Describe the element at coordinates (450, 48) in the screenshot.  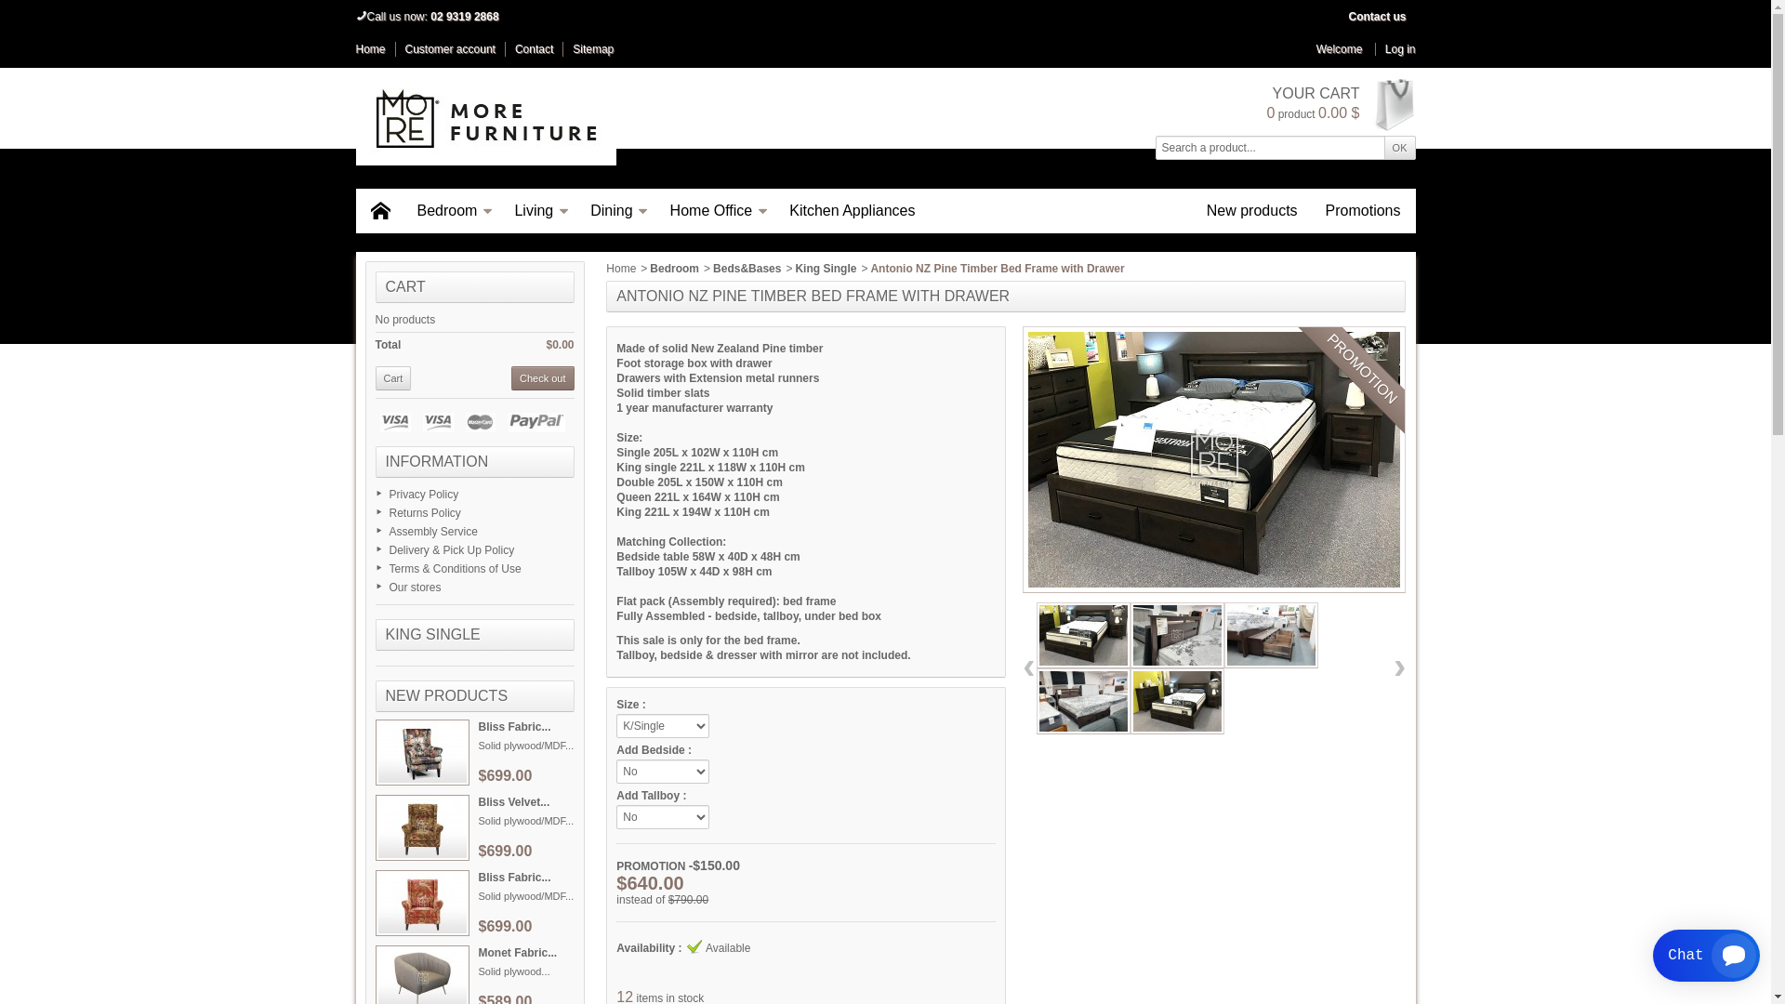
I see `'Customer account'` at that location.